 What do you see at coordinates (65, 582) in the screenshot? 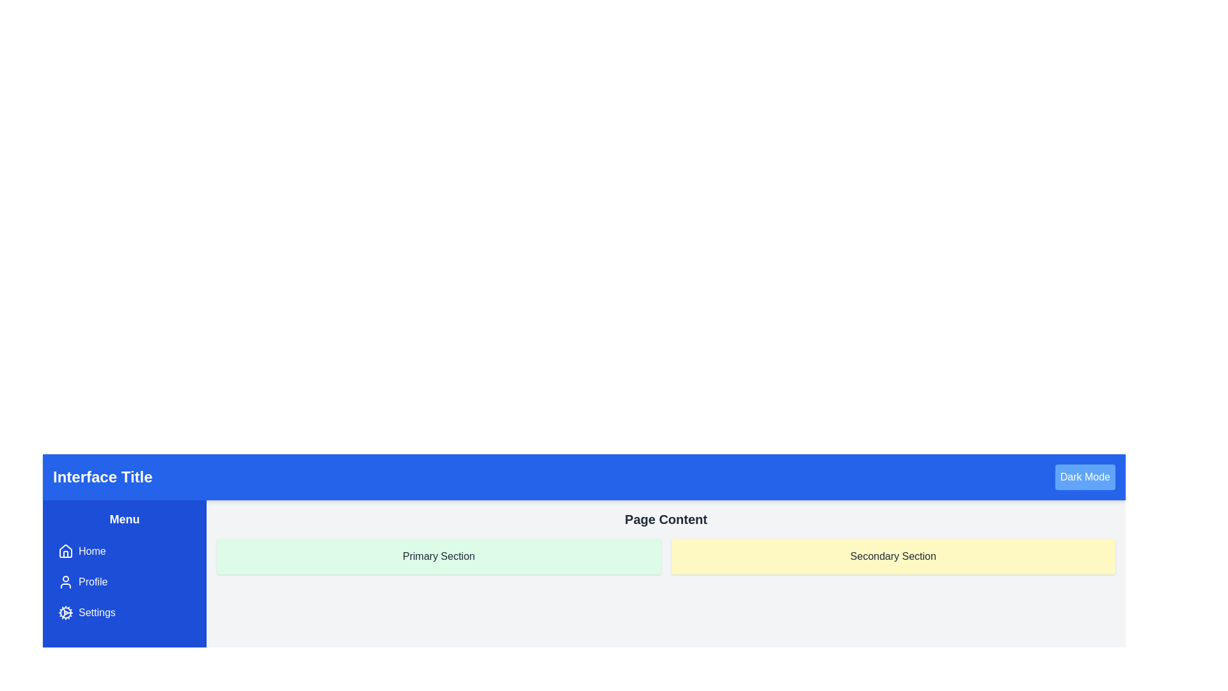
I see `the decorative Profile icon located in the vertical navigation menu on the left side of the interface, positioned to the left of the text label 'Profile'` at bounding box center [65, 582].